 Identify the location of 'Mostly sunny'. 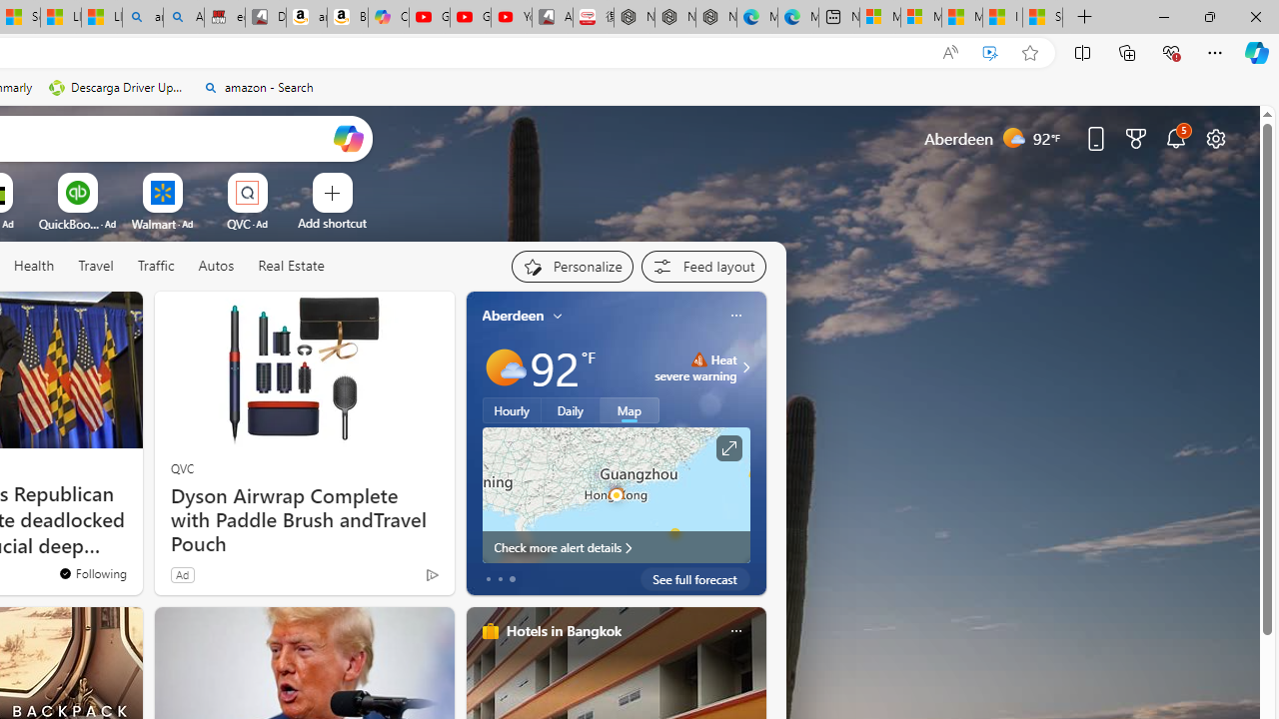
(504, 367).